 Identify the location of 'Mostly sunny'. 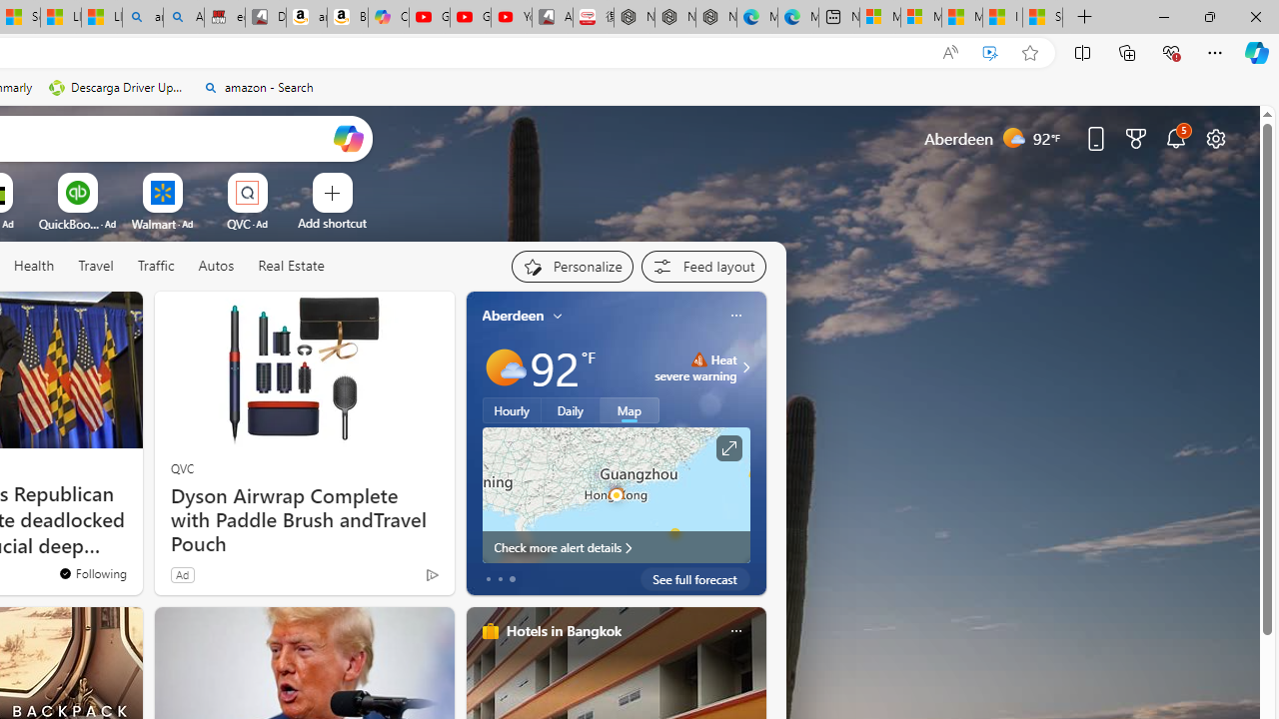
(504, 367).